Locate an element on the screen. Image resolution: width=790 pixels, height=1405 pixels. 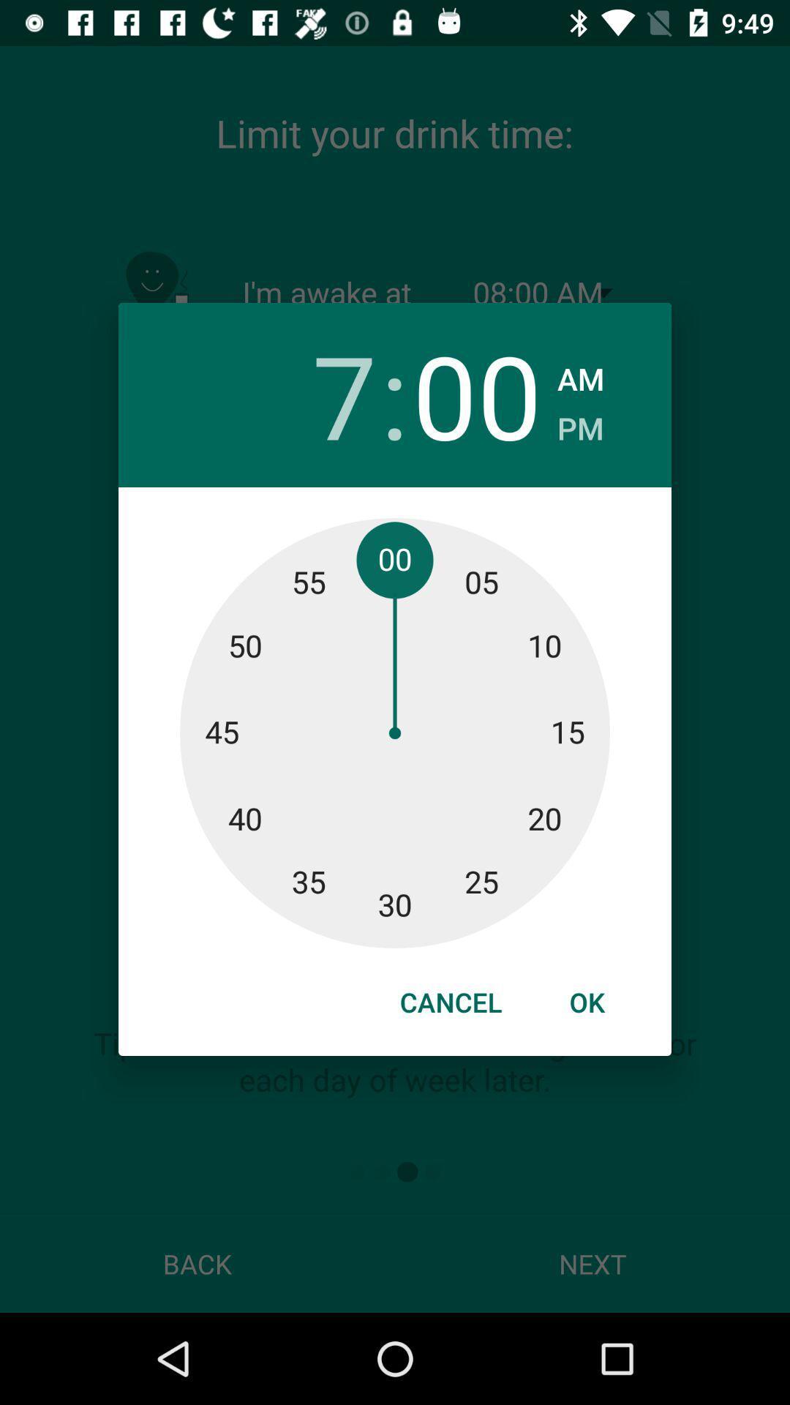
the icon to the right of the : icon is located at coordinates (477, 394).